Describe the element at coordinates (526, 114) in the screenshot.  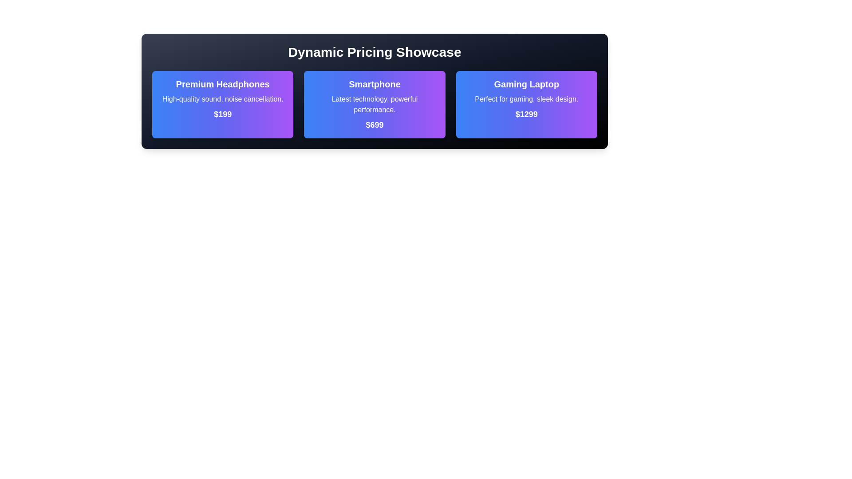
I see `price displayed as '$1299' in bold text located in the bottom-right section of the highlighted card titled 'Gaming Laptop'` at that location.